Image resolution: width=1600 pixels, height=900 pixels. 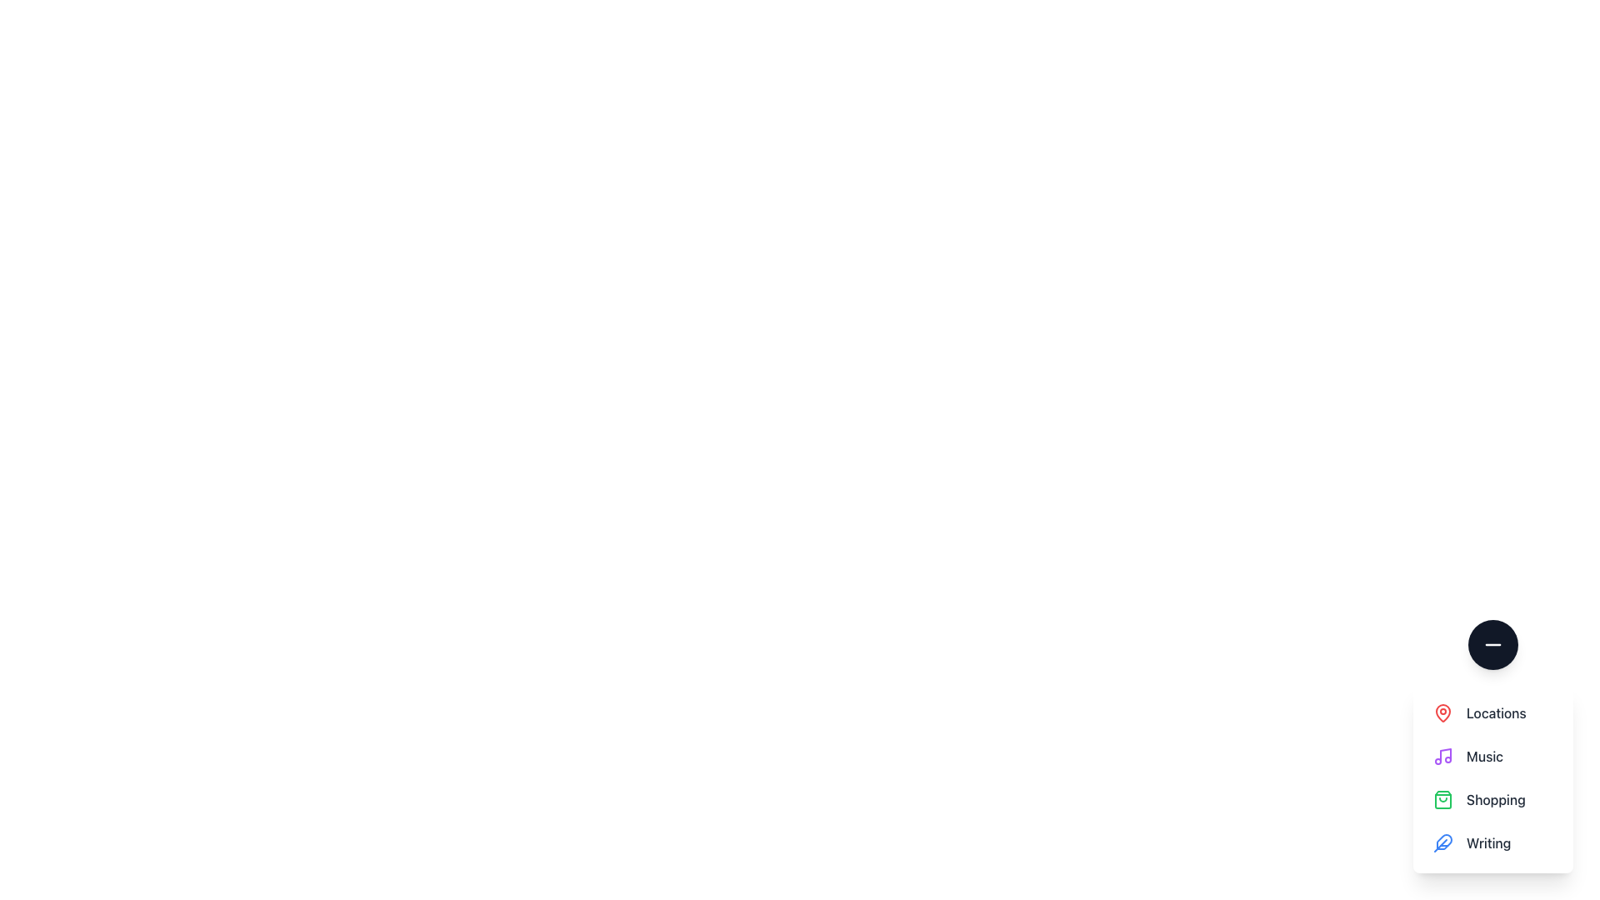 What do you see at coordinates (1442, 756) in the screenshot?
I see `the 'Music' icon located in the menu list, which is positioned to the left of the text label 'Music' and below an icon with a minus symbol` at bounding box center [1442, 756].